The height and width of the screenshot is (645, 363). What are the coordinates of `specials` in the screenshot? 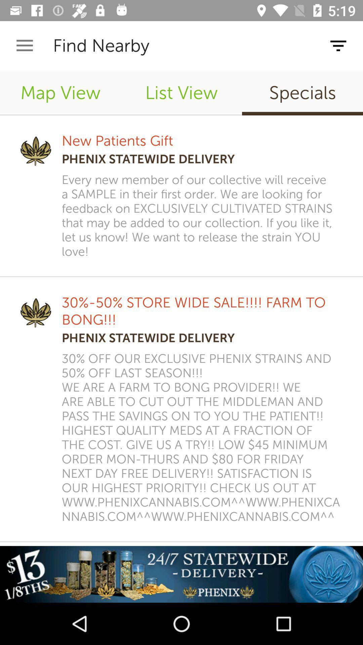 It's located at (302, 92).